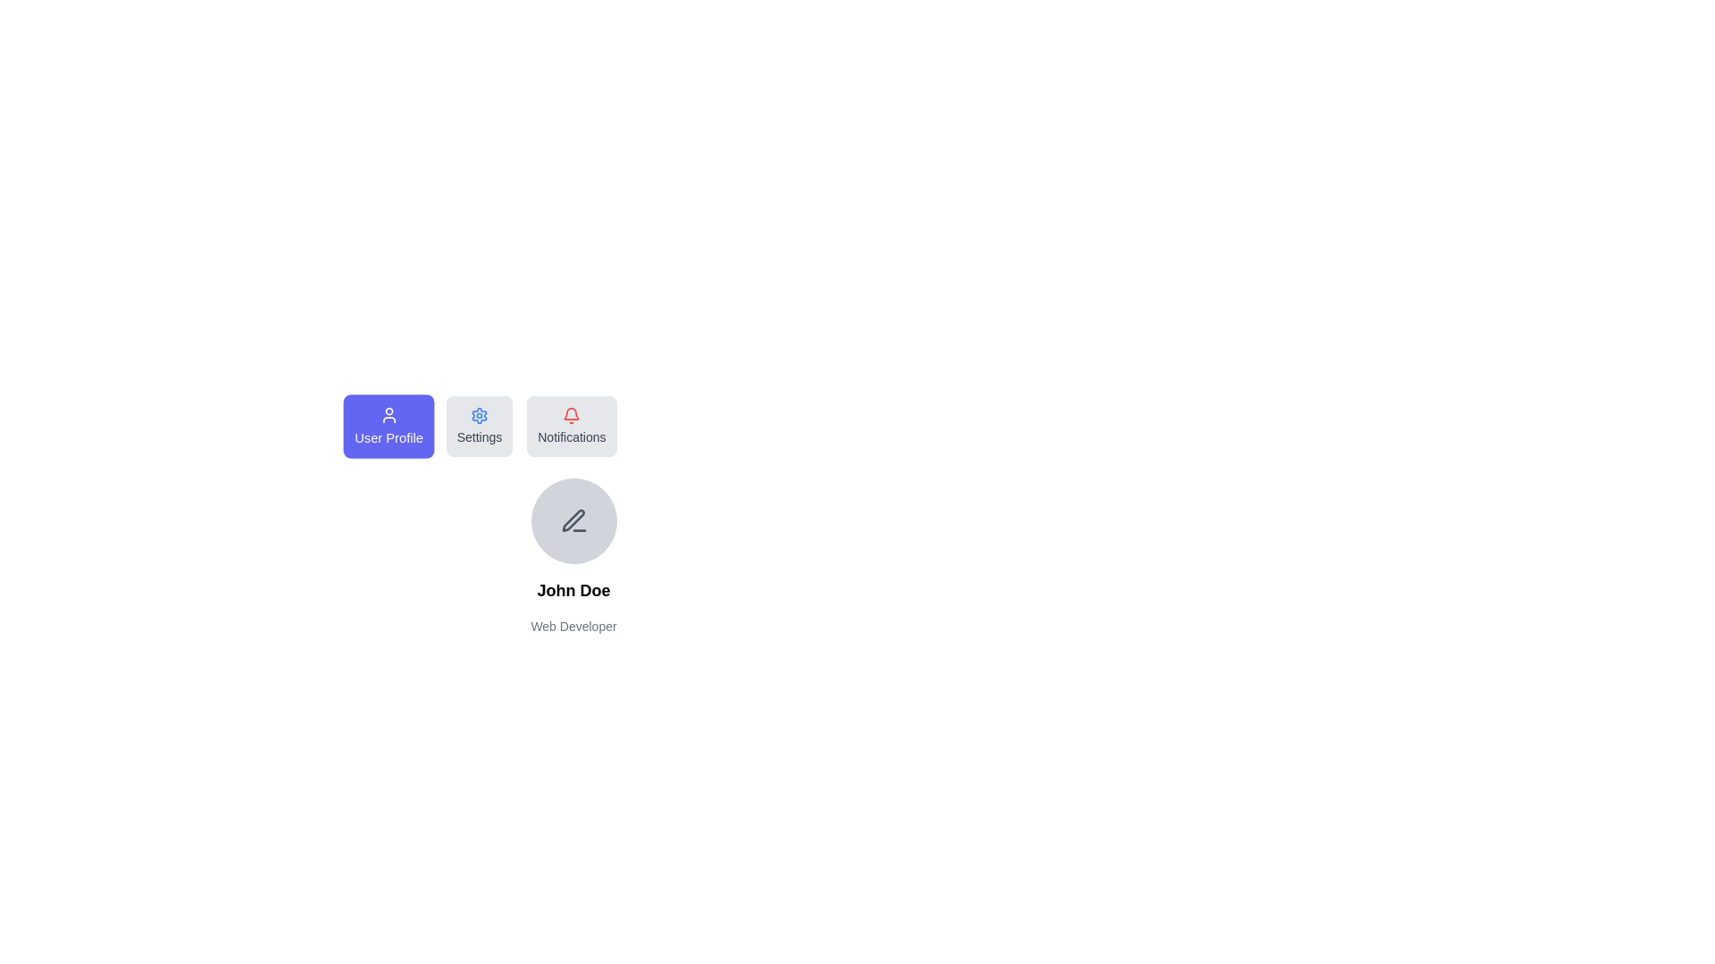 This screenshot has width=1715, height=964. Describe the element at coordinates (388, 415) in the screenshot. I see `the visual feedback of the user silhouette icon located within the 'User Profile' button at the top-left of the interface` at that location.